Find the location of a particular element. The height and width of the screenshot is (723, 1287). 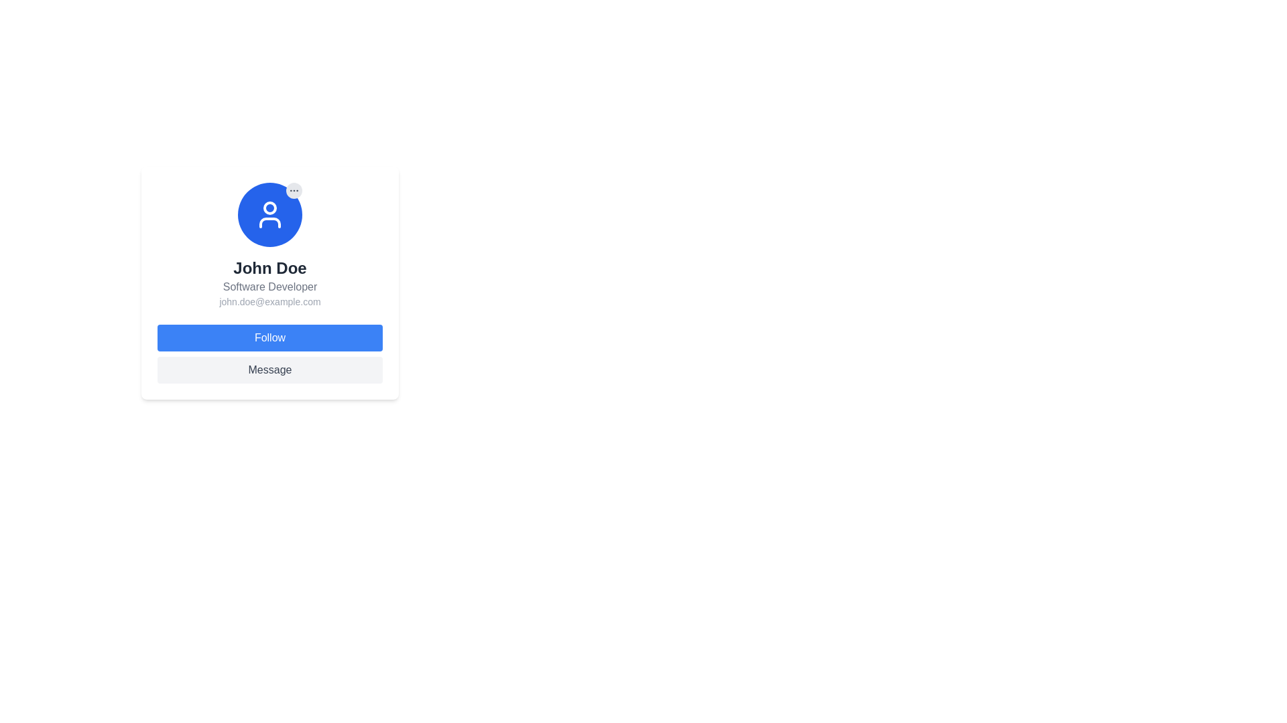

the circular blue icon with a white user icon located at the top-center of the profile card, directly above the name 'John Doe' is located at coordinates (269, 214).